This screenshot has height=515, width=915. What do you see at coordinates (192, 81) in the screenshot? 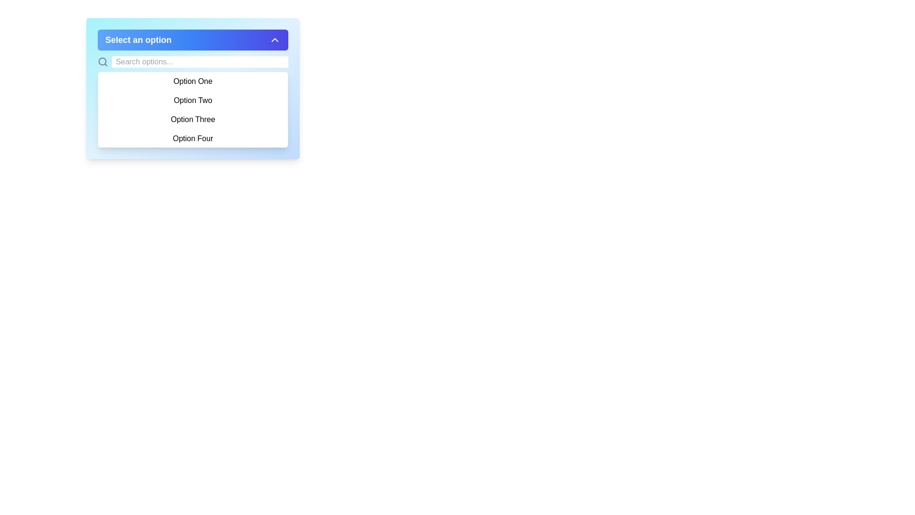
I see `the first option in the dropdown menu labeled 'Option One', which is visually highlighted by a light blue background on hover` at bounding box center [192, 81].